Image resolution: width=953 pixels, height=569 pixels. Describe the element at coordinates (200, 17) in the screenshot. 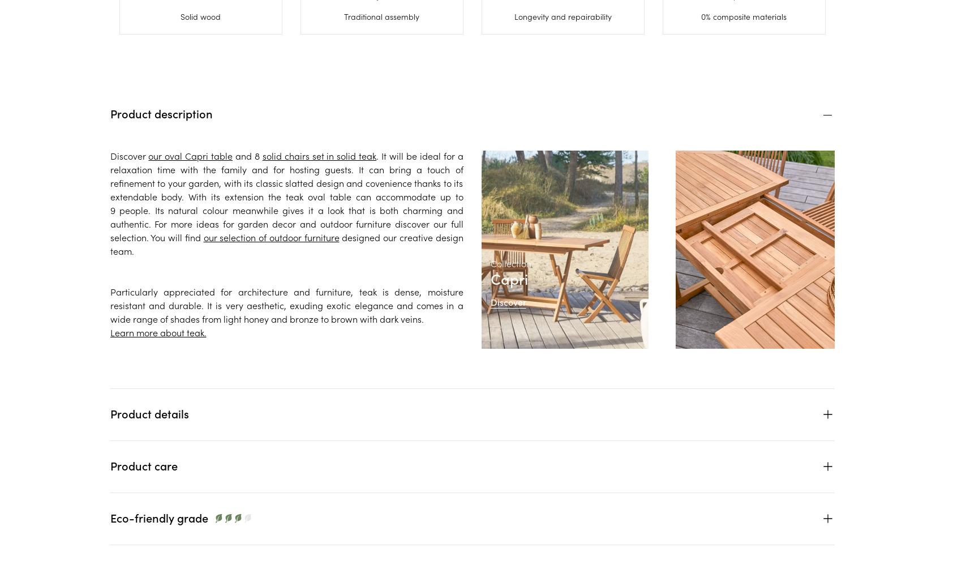

I see `'Solid wood'` at that location.